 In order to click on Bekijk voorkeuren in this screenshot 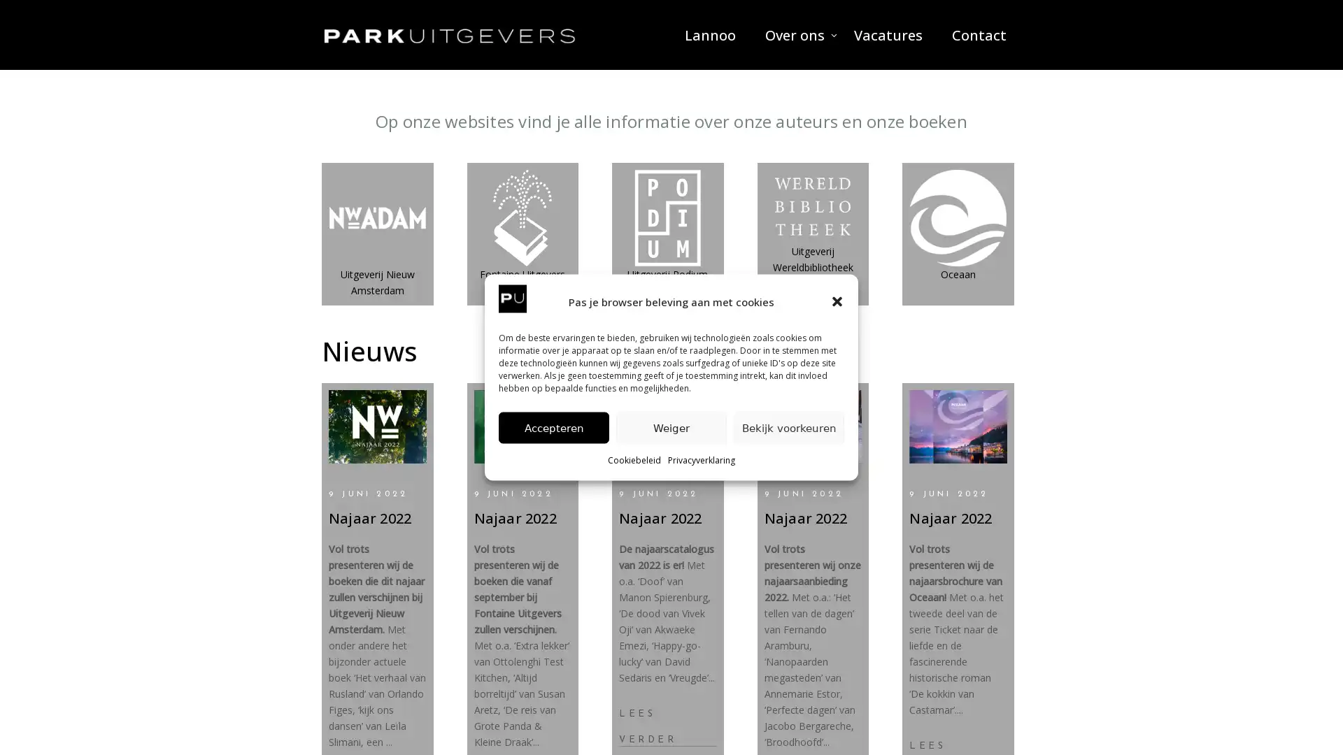, I will do `click(789, 426)`.